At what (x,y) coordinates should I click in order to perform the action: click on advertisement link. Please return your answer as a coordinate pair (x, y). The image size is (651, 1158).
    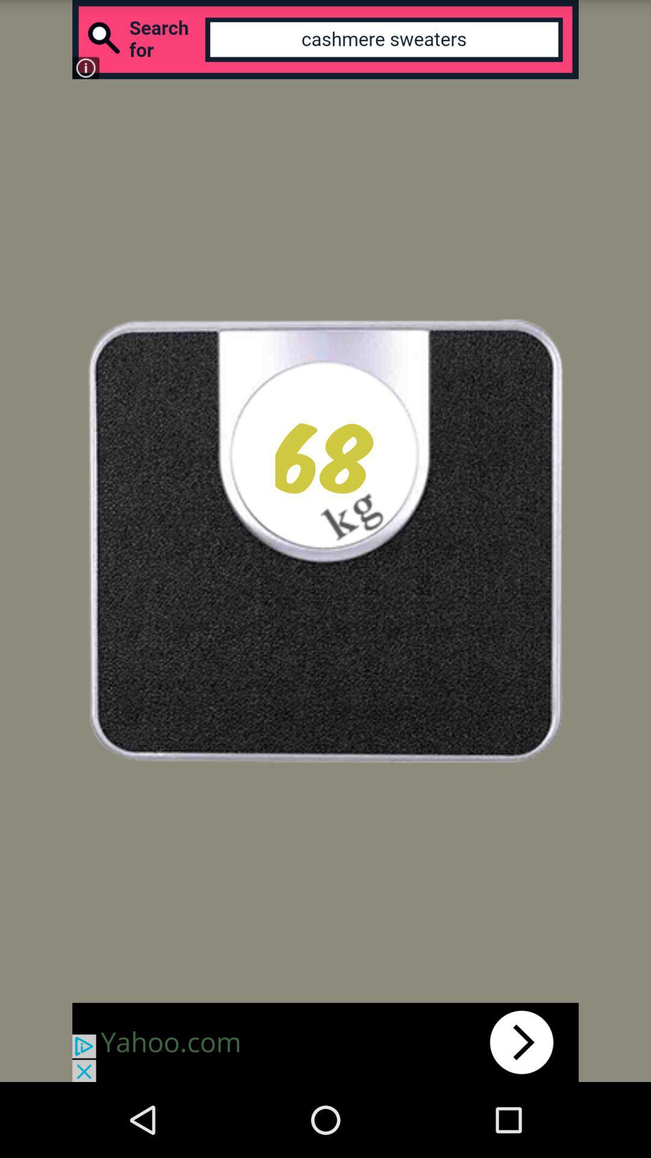
    Looking at the image, I should click on (325, 1042).